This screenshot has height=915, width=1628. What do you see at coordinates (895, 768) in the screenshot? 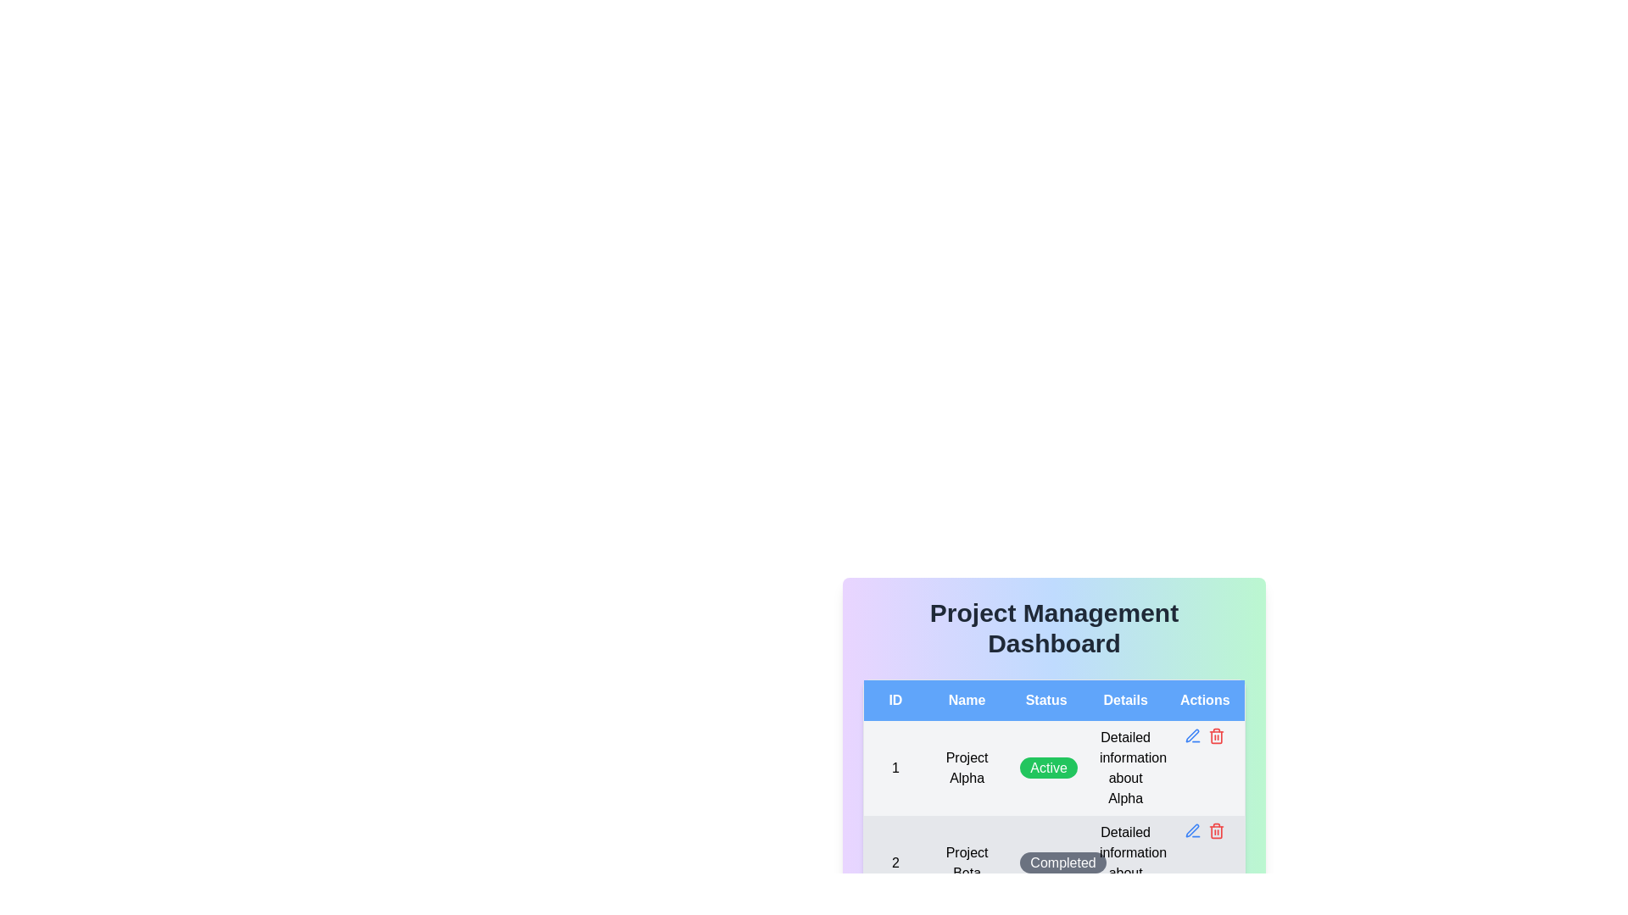
I see `the text label displaying the character '1' in the first cell of the 'ID' column, which is the unique identifier for 'Project Alpha'` at bounding box center [895, 768].